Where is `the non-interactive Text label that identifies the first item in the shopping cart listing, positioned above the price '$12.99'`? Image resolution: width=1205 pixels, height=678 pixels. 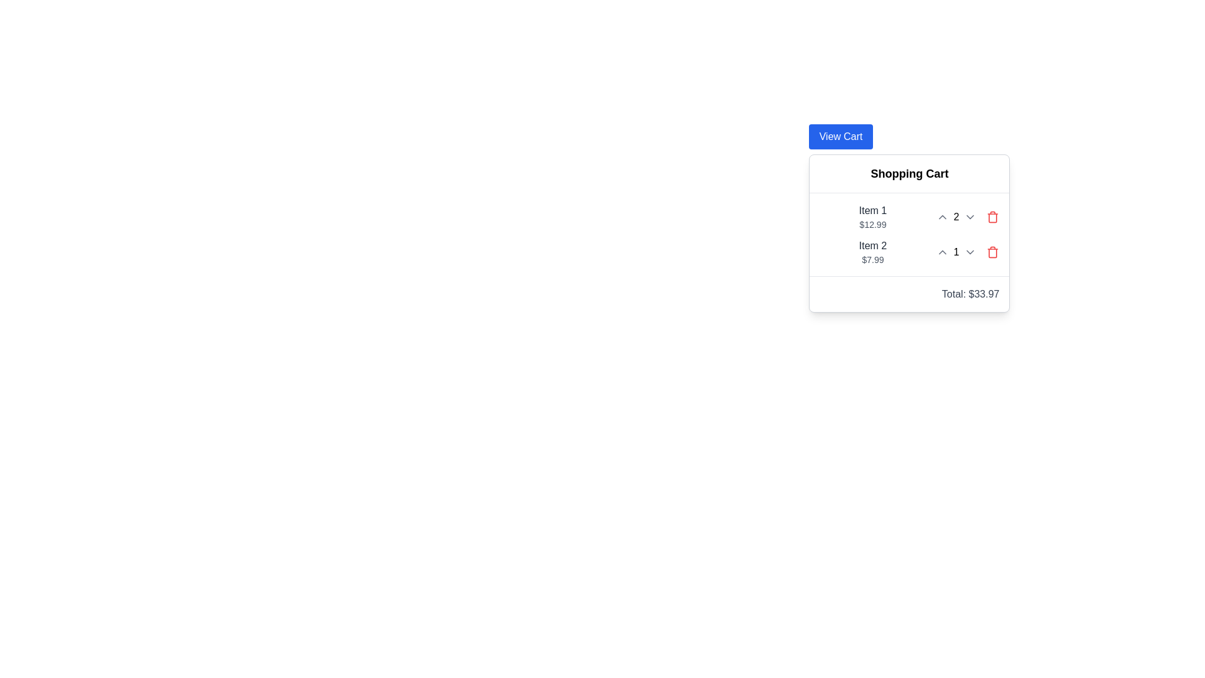 the non-interactive Text label that identifies the first item in the shopping cart listing, positioned above the price '$12.99' is located at coordinates (872, 210).